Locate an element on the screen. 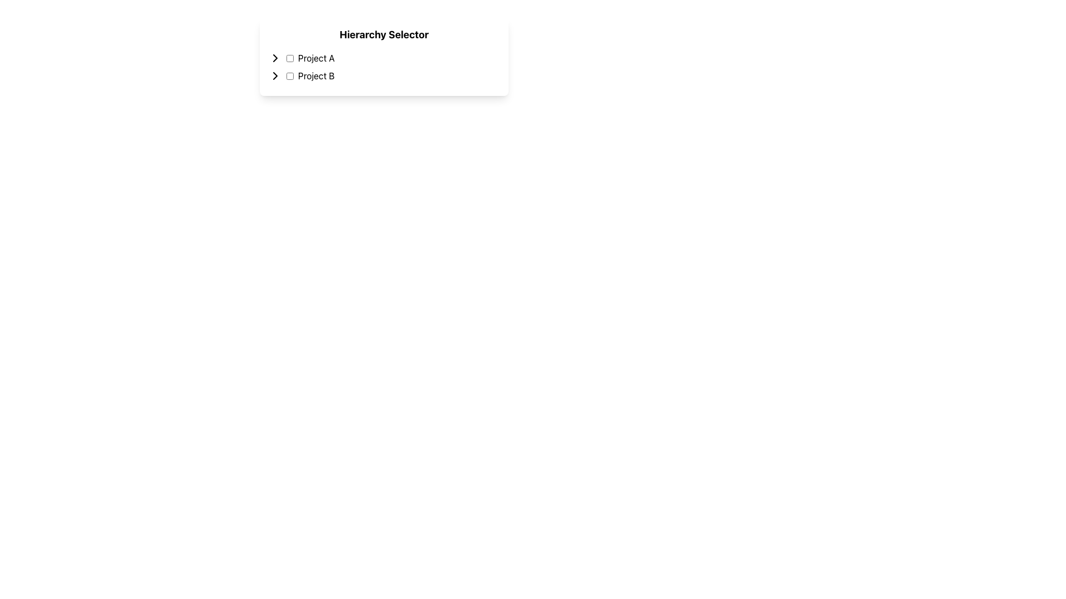  the static text element labeled 'Project A', which is styled with a black font on a white background and positioned beneath the 'Hierarchy Selector' header, adjacent to the first checkbox and arrow icon is located at coordinates (316, 58).